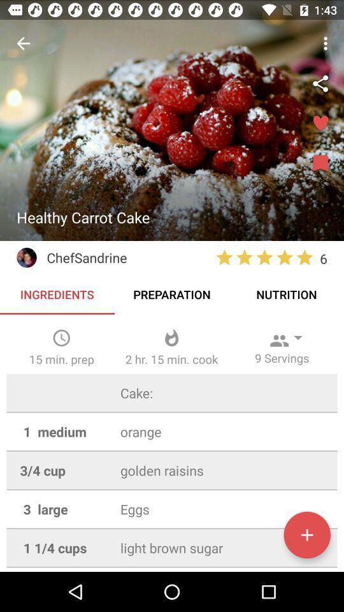 Image resolution: width=344 pixels, height=612 pixels. I want to click on like button, so click(320, 124).